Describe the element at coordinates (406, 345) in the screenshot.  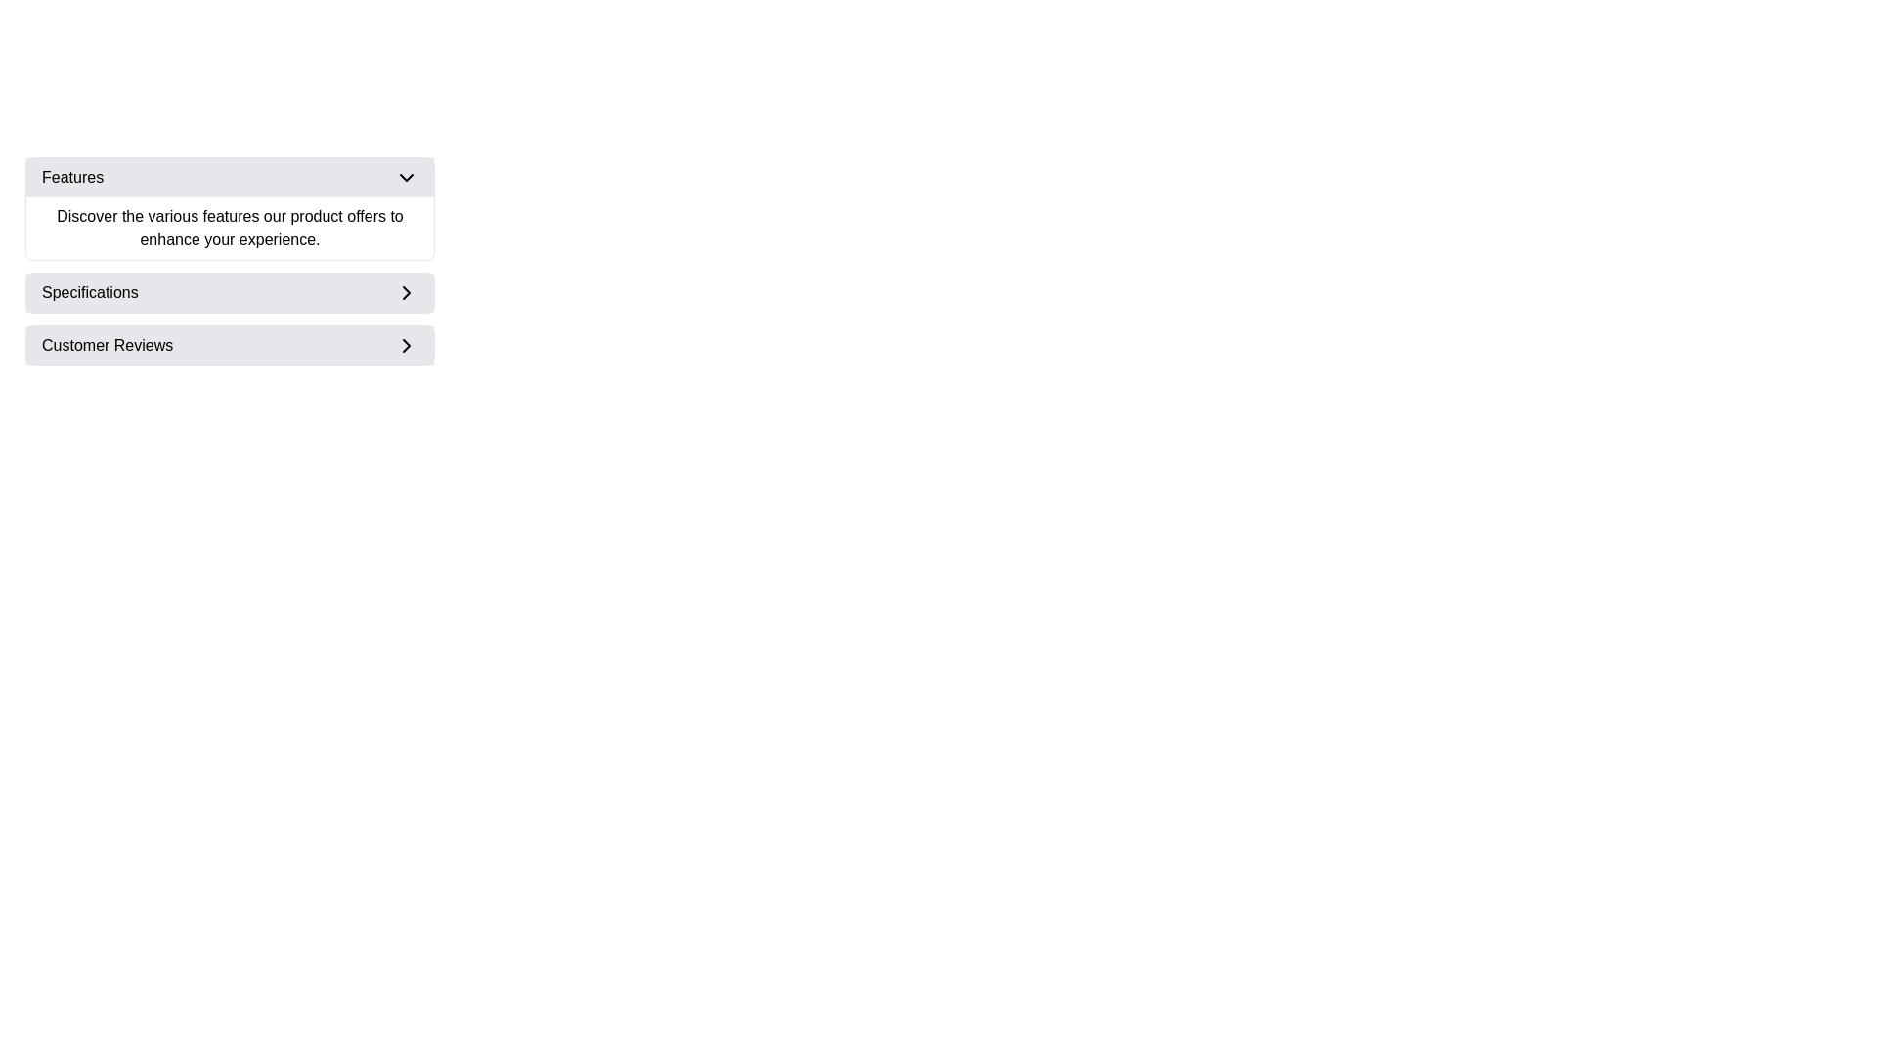
I see `the navigation icon located at the far right of the 'Customer Reviews' row` at that location.